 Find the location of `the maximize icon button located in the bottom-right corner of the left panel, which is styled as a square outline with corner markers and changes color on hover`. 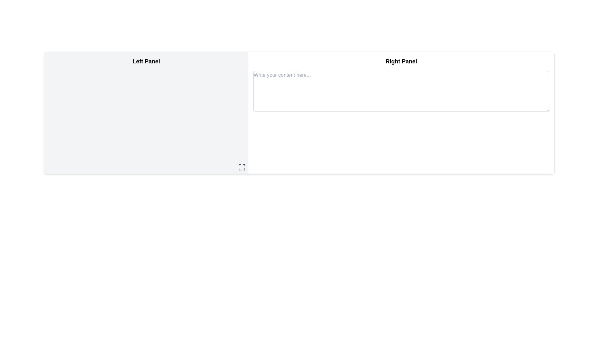

the maximize icon button located in the bottom-right corner of the left panel, which is styled as a square outline with corner markers and changes color on hover is located at coordinates (241, 167).